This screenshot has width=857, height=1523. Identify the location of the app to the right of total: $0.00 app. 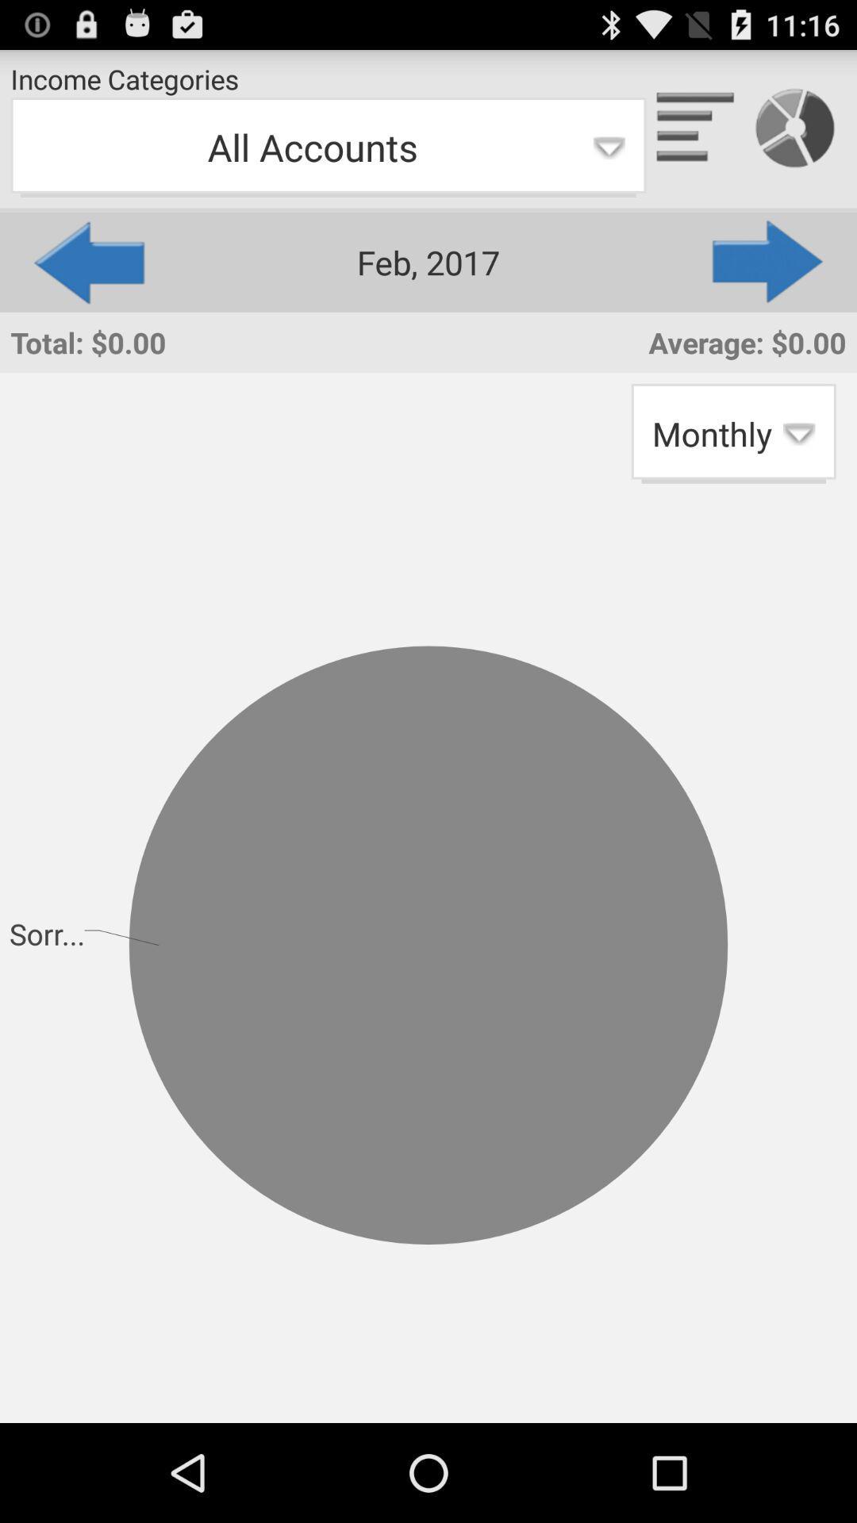
(733, 433).